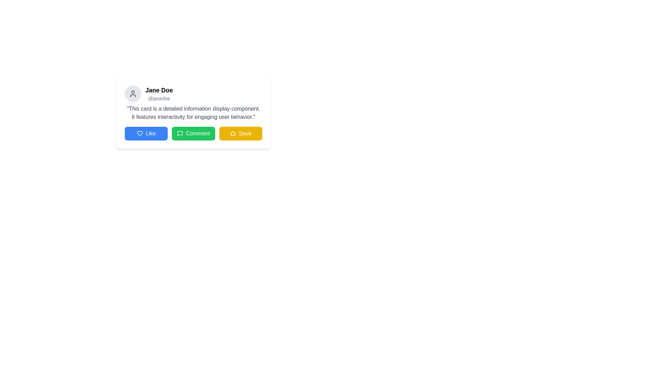 Image resolution: width=660 pixels, height=371 pixels. I want to click on the star-shaped icon with a yellow fill and dark stroke, located to the left of the 'Save' text in the yellow button, so click(233, 134).